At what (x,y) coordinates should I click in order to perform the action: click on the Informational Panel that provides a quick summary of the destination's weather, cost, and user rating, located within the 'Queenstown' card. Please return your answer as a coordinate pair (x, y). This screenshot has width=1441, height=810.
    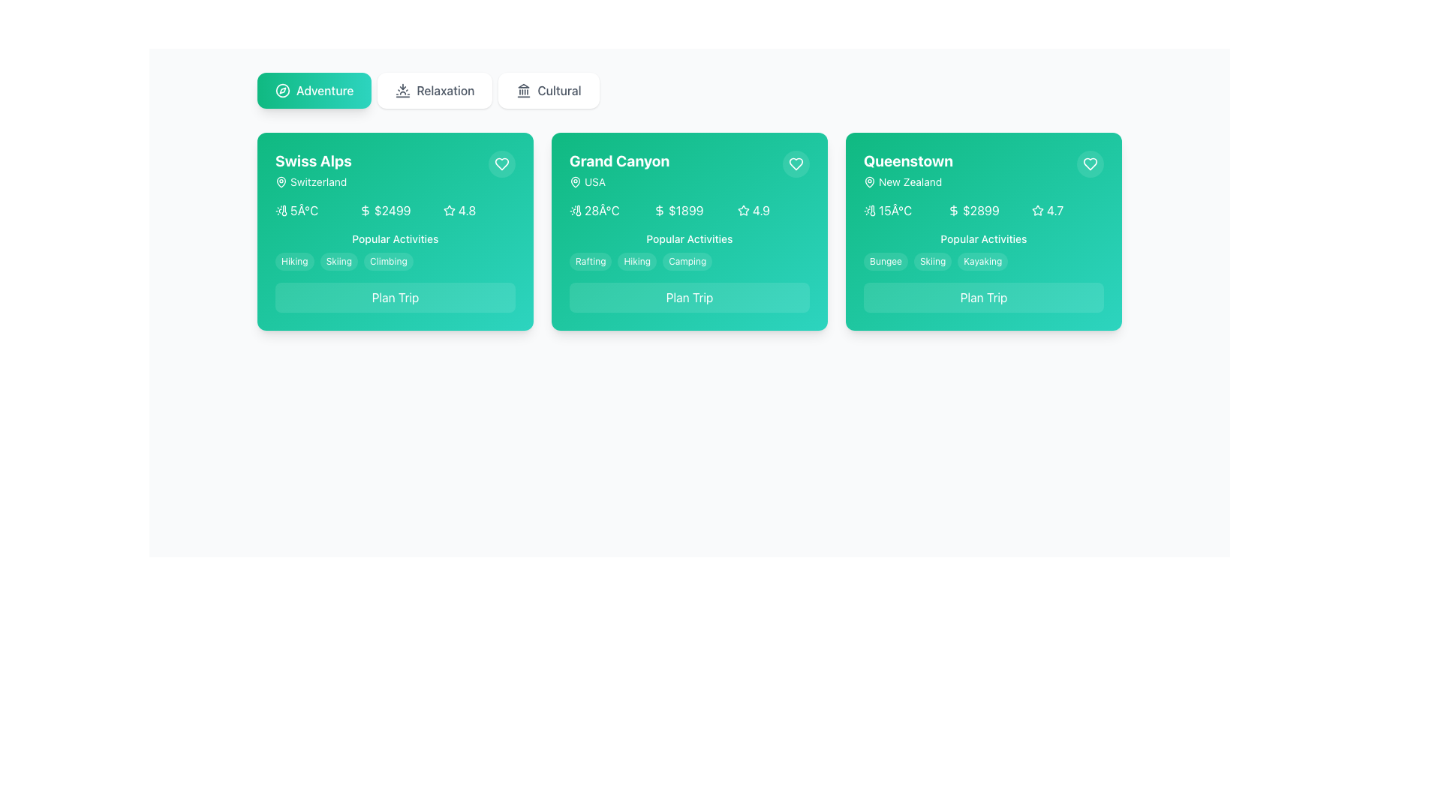
    Looking at the image, I should click on (983, 211).